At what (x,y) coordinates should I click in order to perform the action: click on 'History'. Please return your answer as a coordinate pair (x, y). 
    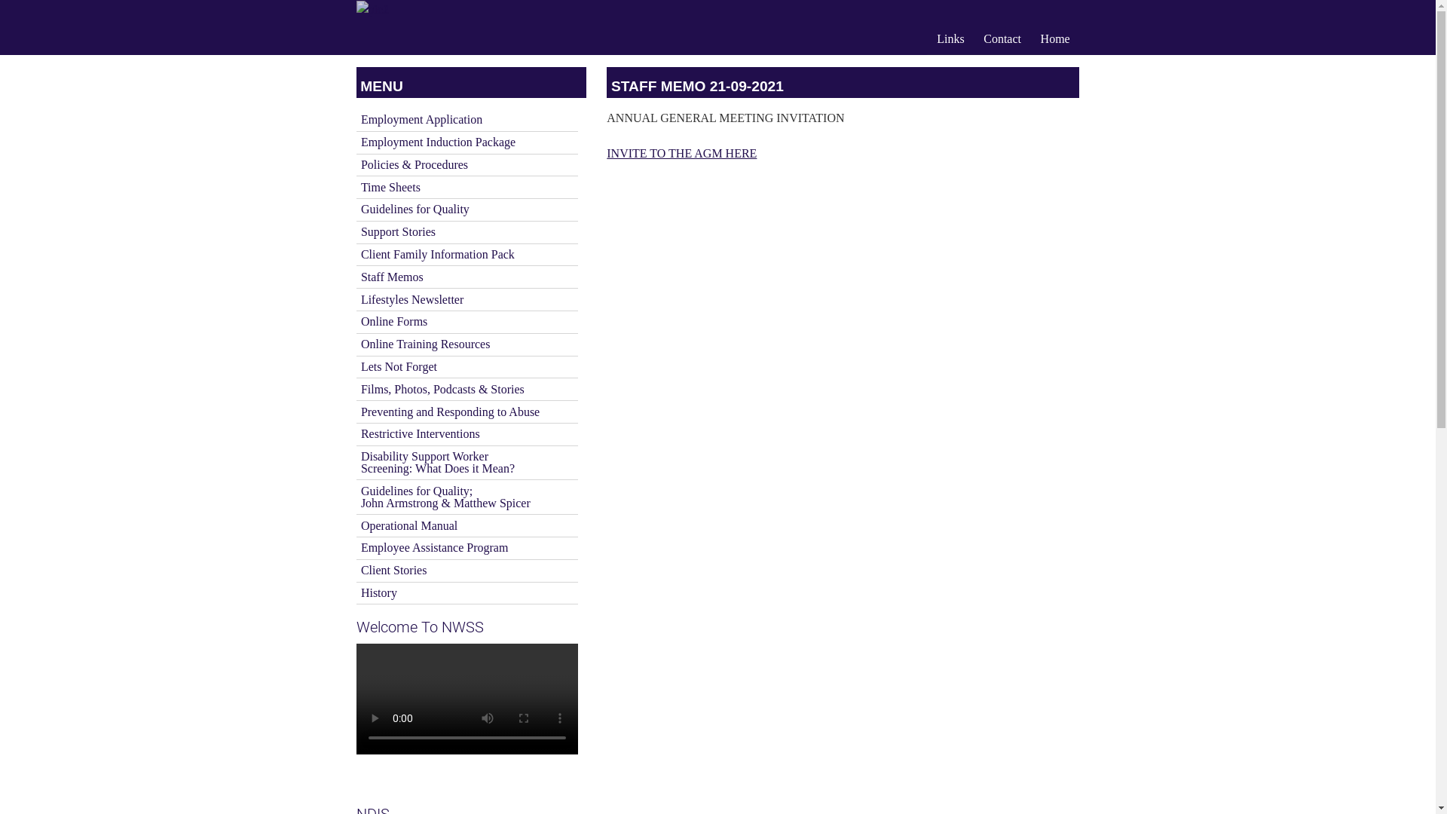
    Looking at the image, I should click on (466, 592).